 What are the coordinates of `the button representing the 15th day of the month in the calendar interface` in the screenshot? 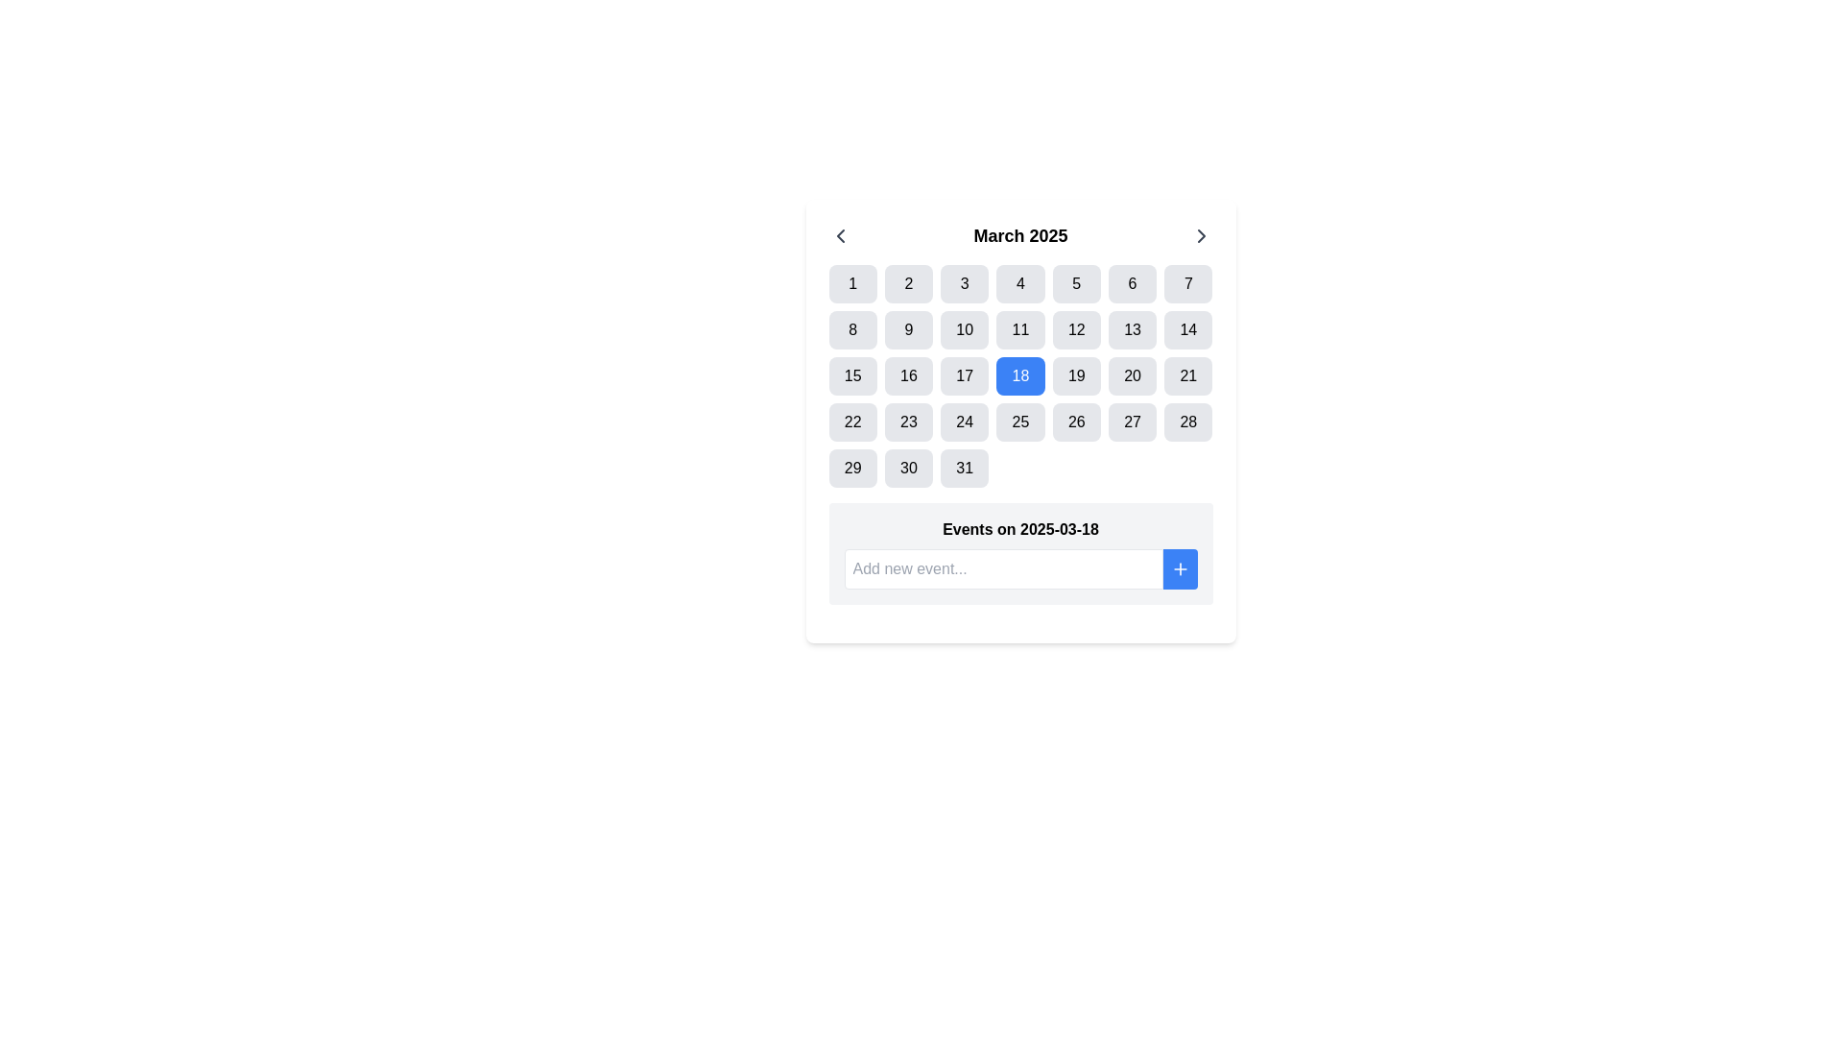 It's located at (851, 376).